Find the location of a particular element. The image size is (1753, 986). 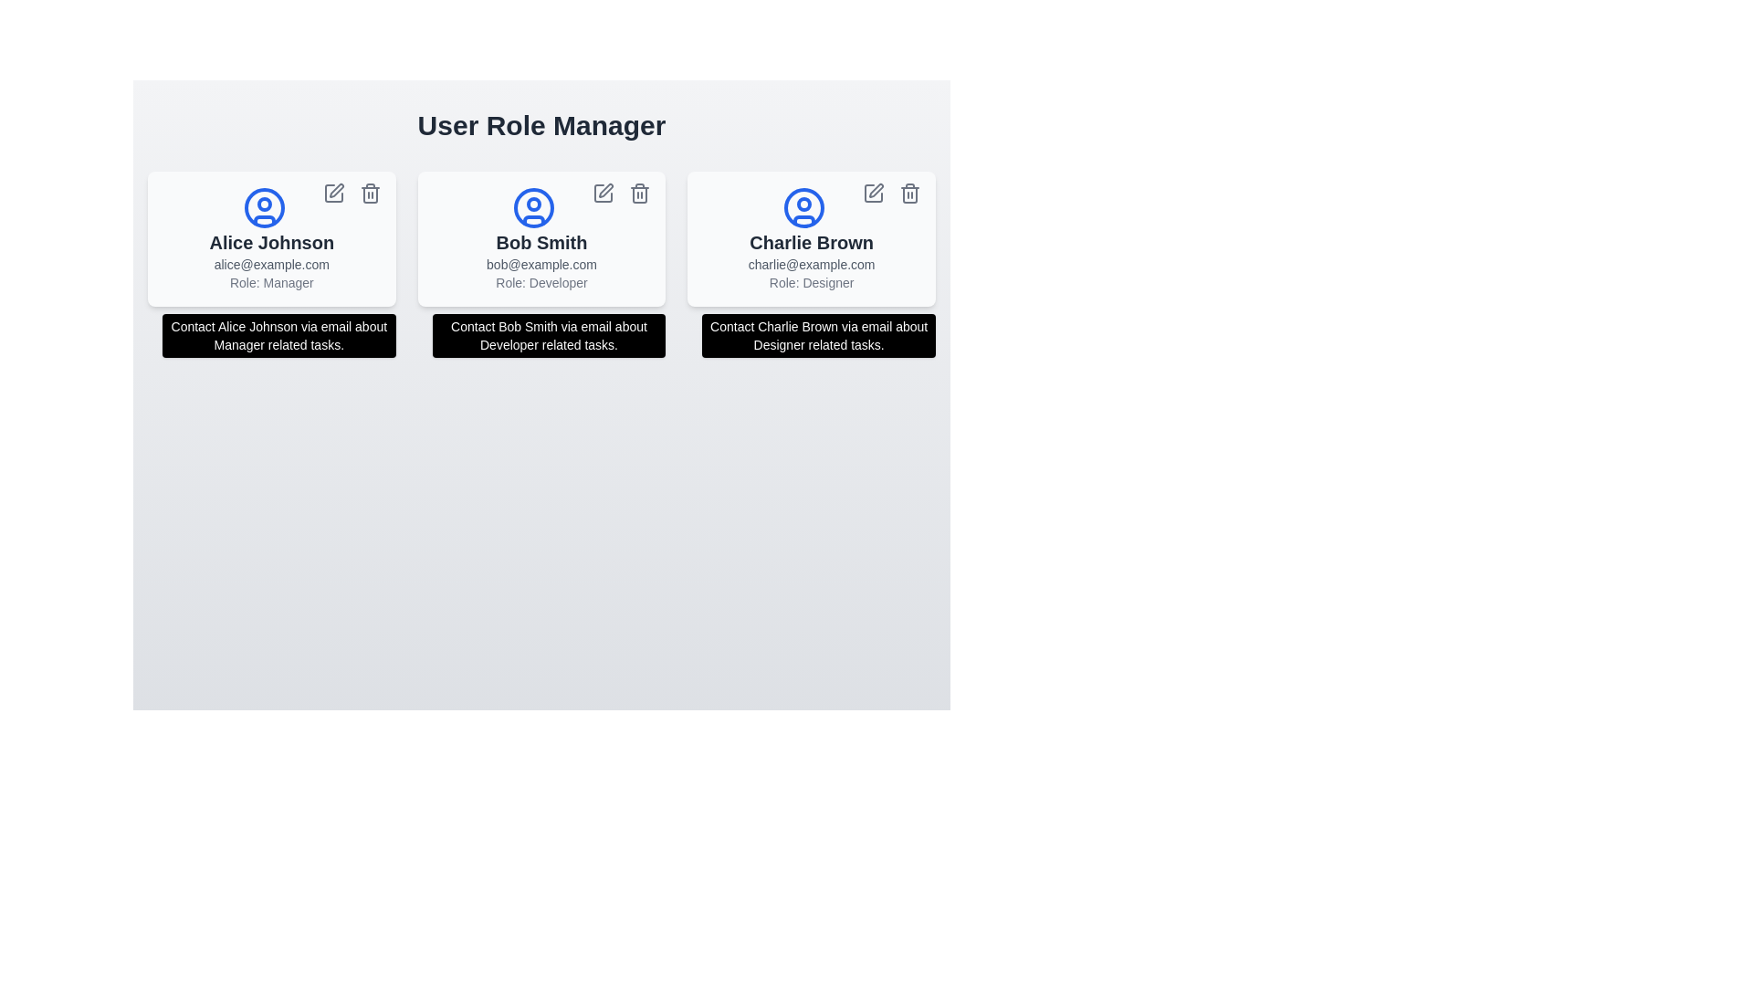

the edit icon button located at the top-right of Alice Johnson's user card to initiate the edit action is located at coordinates (336, 190).